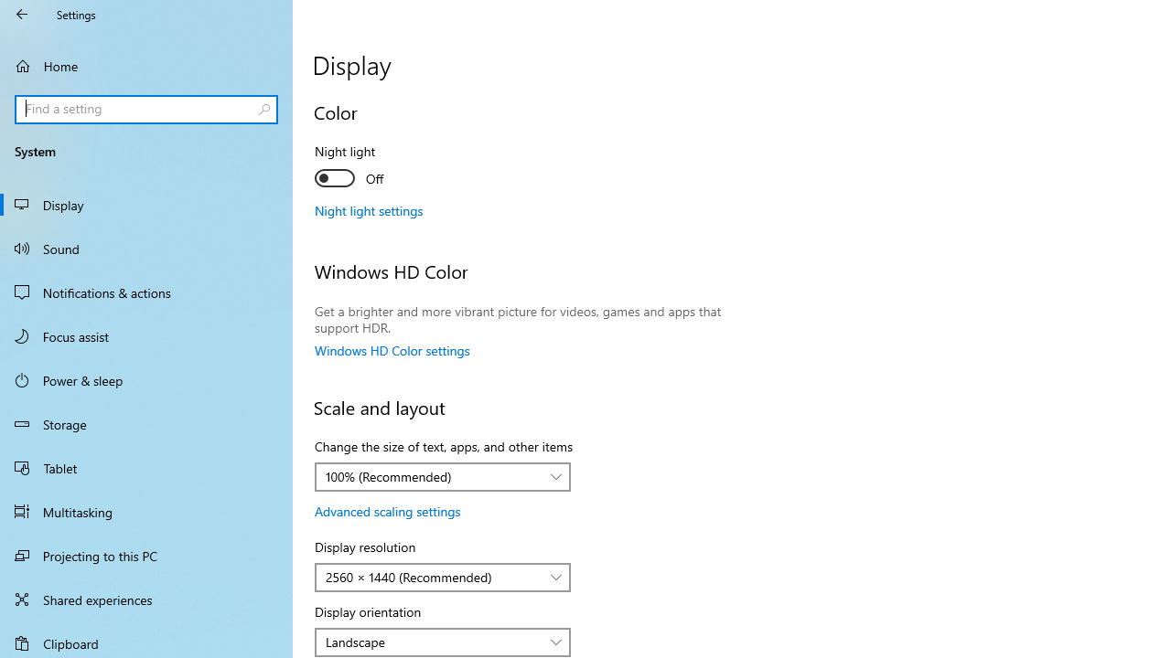 Image resolution: width=1171 pixels, height=658 pixels. I want to click on 'Notifications & actions', so click(146, 292).